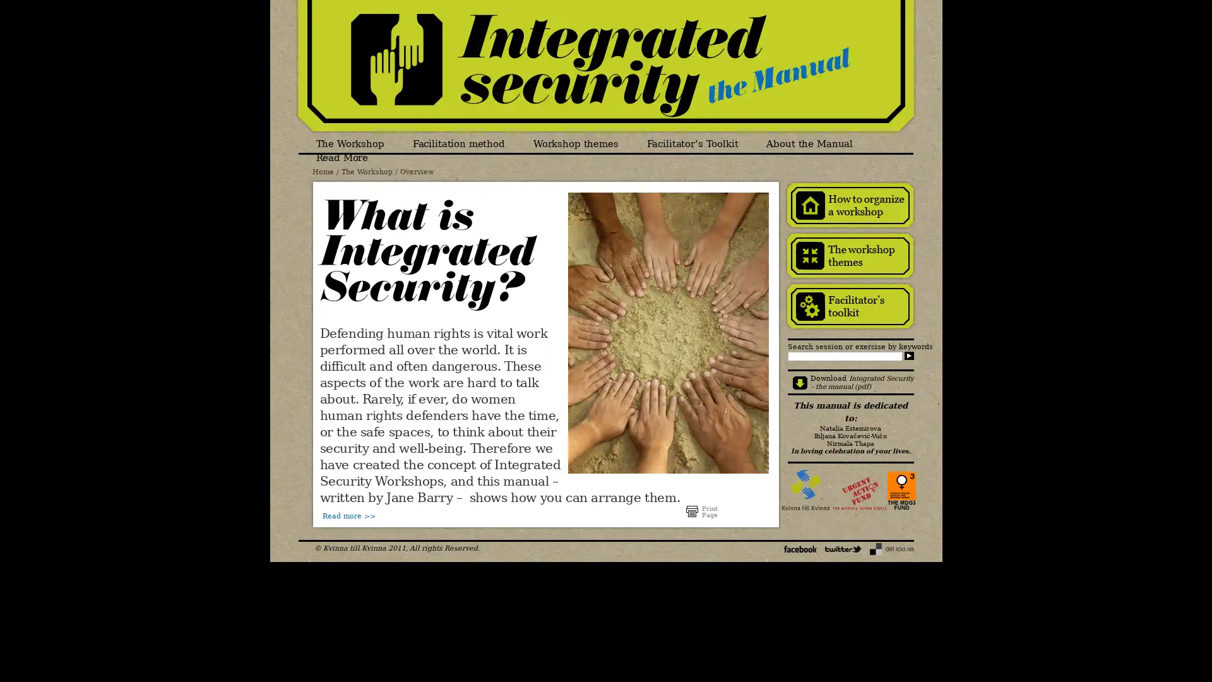 The width and height of the screenshot is (1212, 682). What do you see at coordinates (908, 356) in the screenshot?
I see `Search` at bounding box center [908, 356].